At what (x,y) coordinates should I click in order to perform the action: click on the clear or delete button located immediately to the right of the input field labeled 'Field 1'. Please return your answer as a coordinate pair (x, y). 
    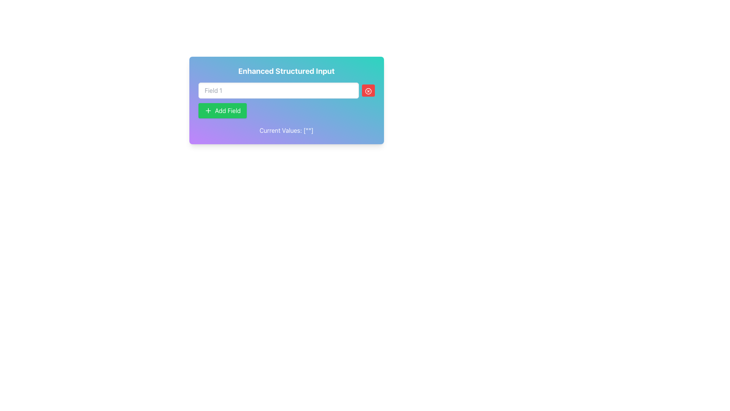
    Looking at the image, I should click on (368, 90).